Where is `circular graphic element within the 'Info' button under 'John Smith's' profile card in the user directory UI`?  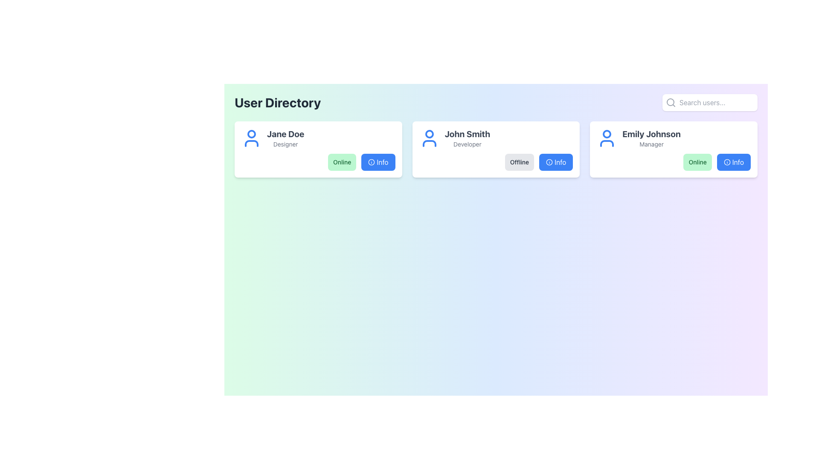
circular graphic element within the 'Info' button under 'John Smith's' profile card in the user directory UI is located at coordinates (372, 162).